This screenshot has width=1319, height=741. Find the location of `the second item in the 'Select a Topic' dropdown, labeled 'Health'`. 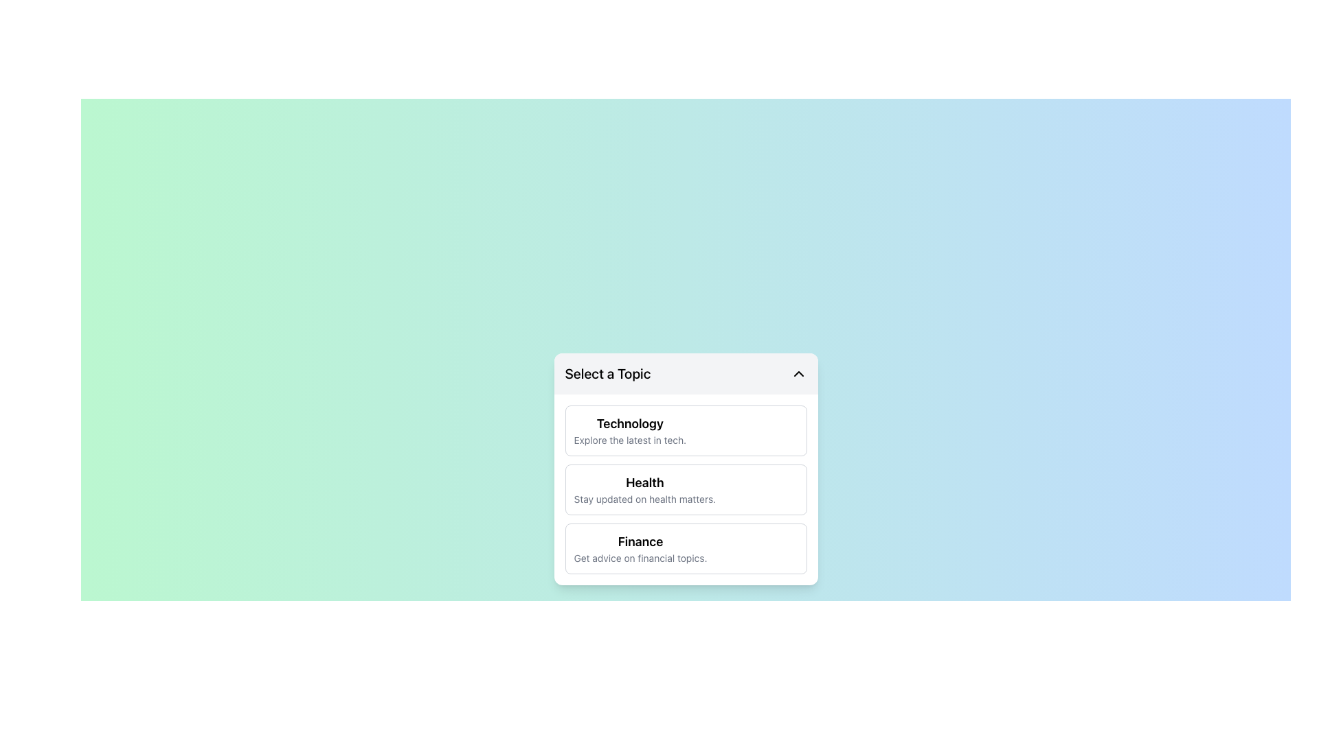

the second item in the 'Select a Topic' dropdown, labeled 'Health' is located at coordinates (686, 468).